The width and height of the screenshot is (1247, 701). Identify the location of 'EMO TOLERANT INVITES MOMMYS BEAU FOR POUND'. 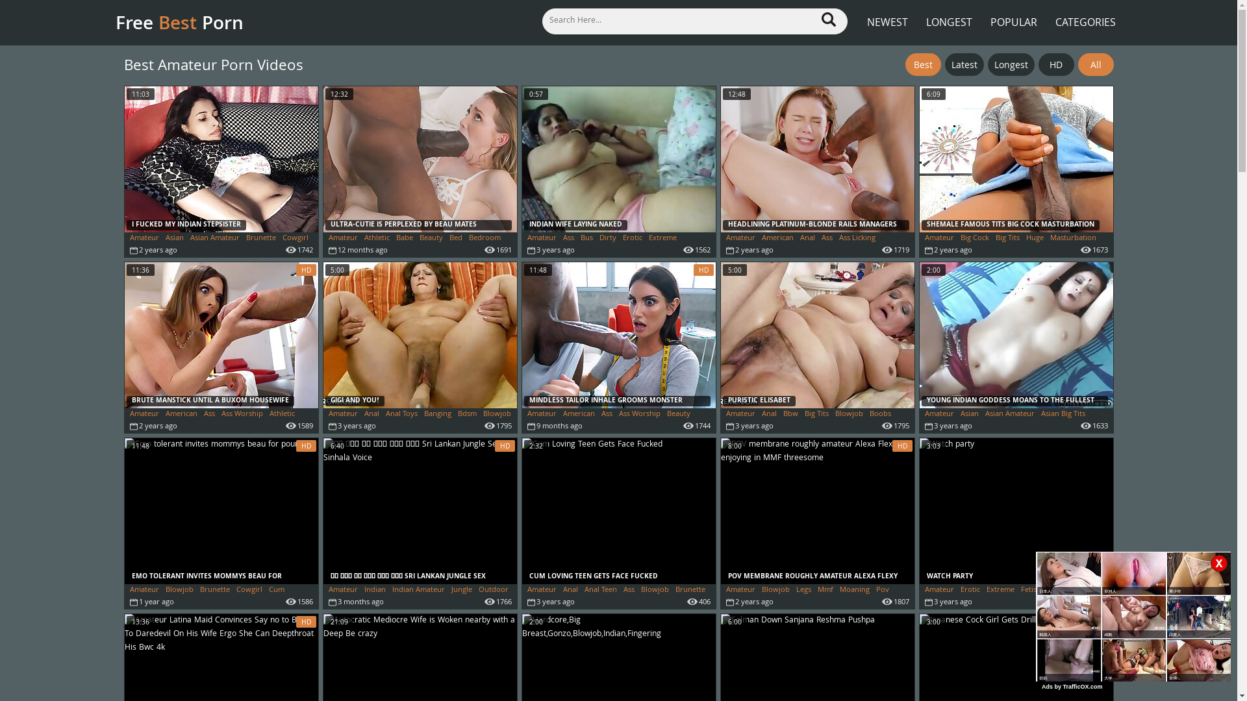
(221, 510).